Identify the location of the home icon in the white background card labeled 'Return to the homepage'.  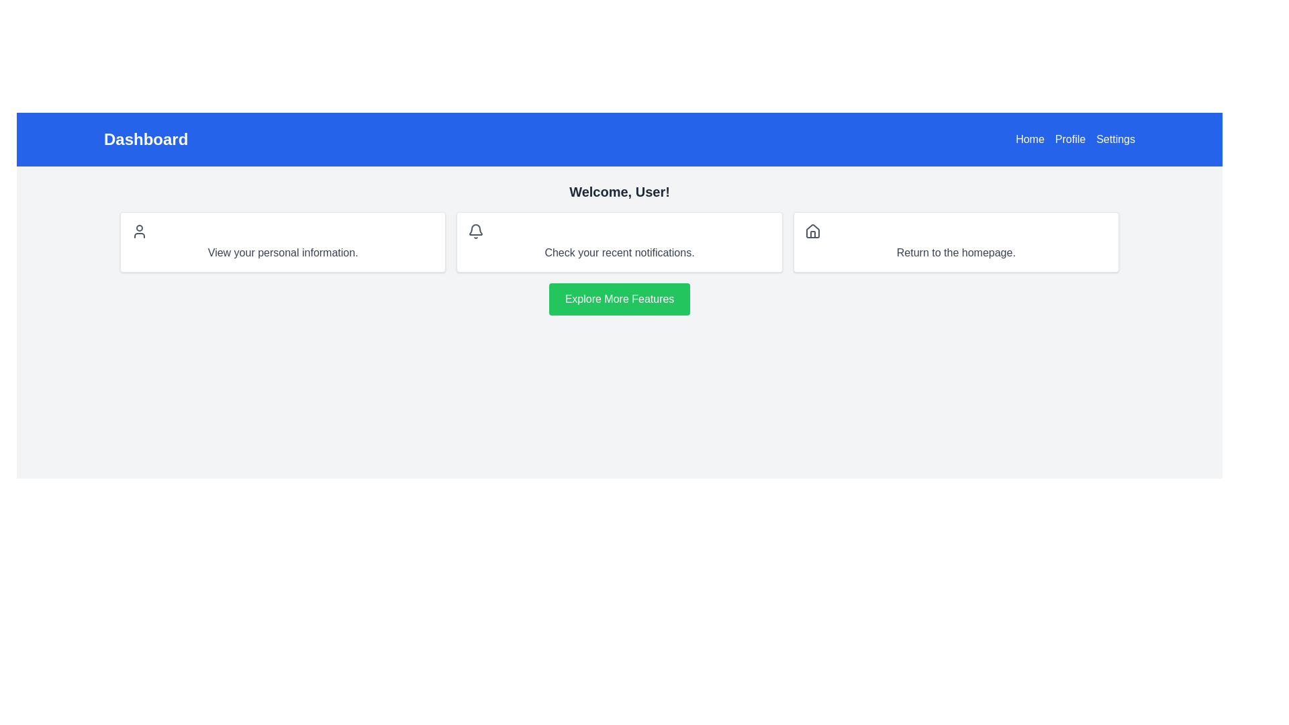
(955, 242).